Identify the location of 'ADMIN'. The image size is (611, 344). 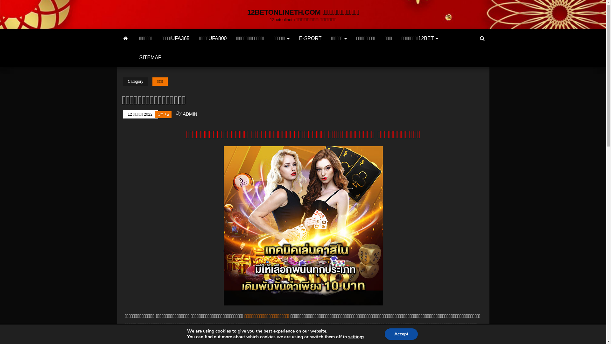
(190, 114).